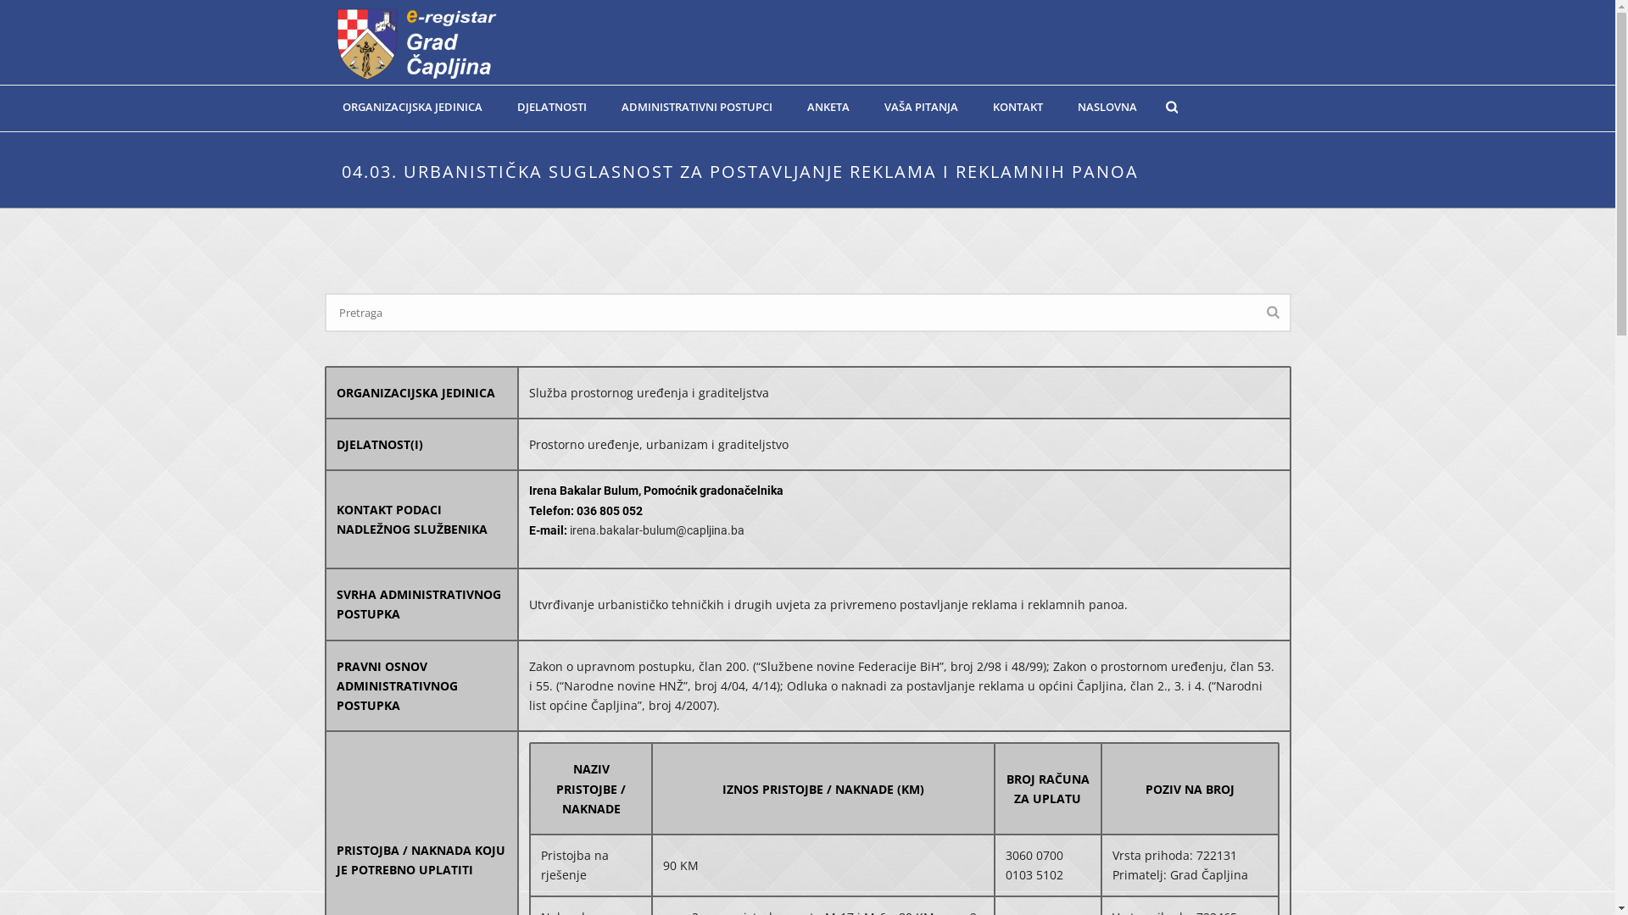  I want to click on 'eRegistar', so click(415, 42).